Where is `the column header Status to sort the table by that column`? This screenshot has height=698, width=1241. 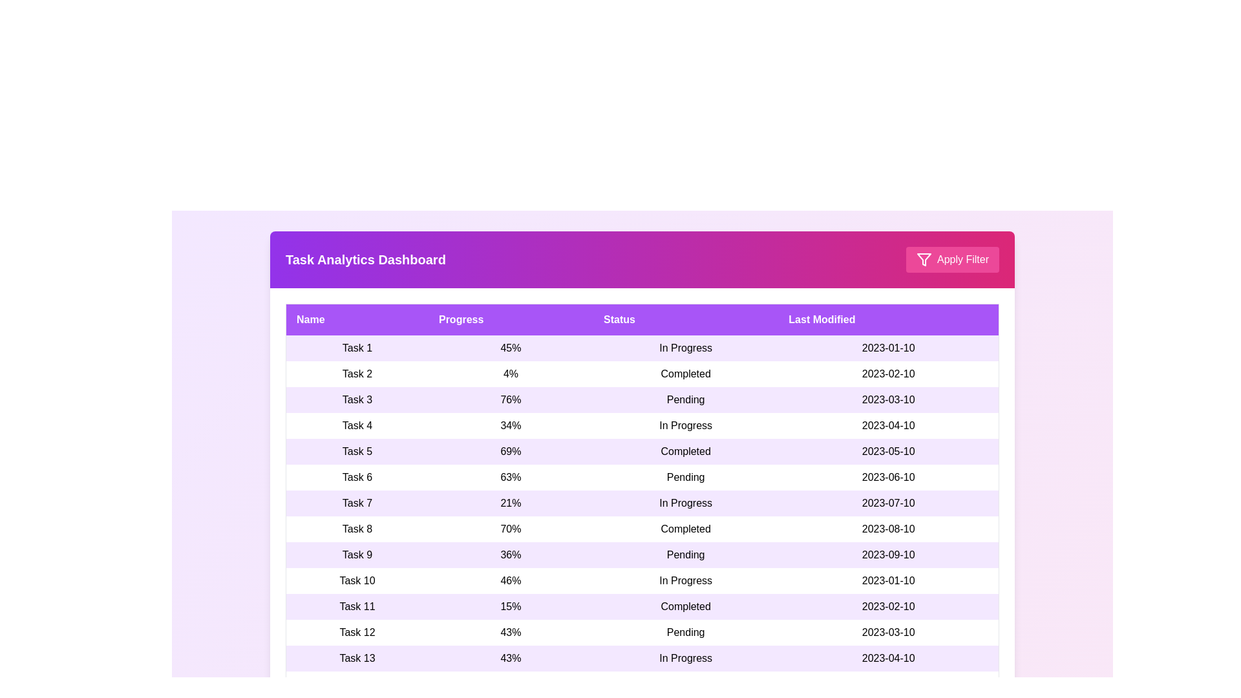 the column header Status to sort the table by that column is located at coordinates (685, 319).